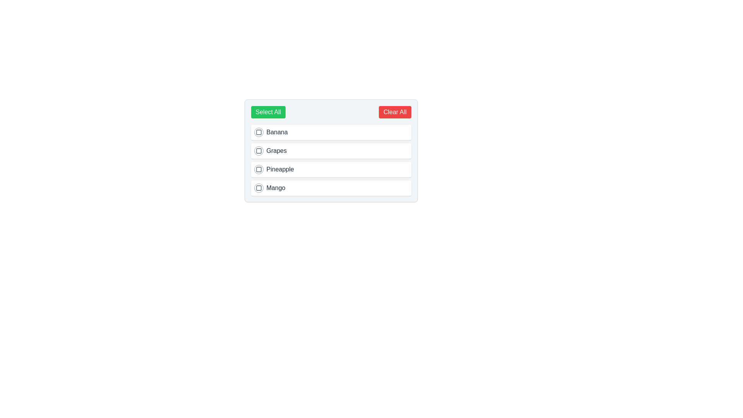  Describe the element at coordinates (259, 188) in the screenshot. I see `the circular checkbox in the list row labeled 'Mango'` at that location.